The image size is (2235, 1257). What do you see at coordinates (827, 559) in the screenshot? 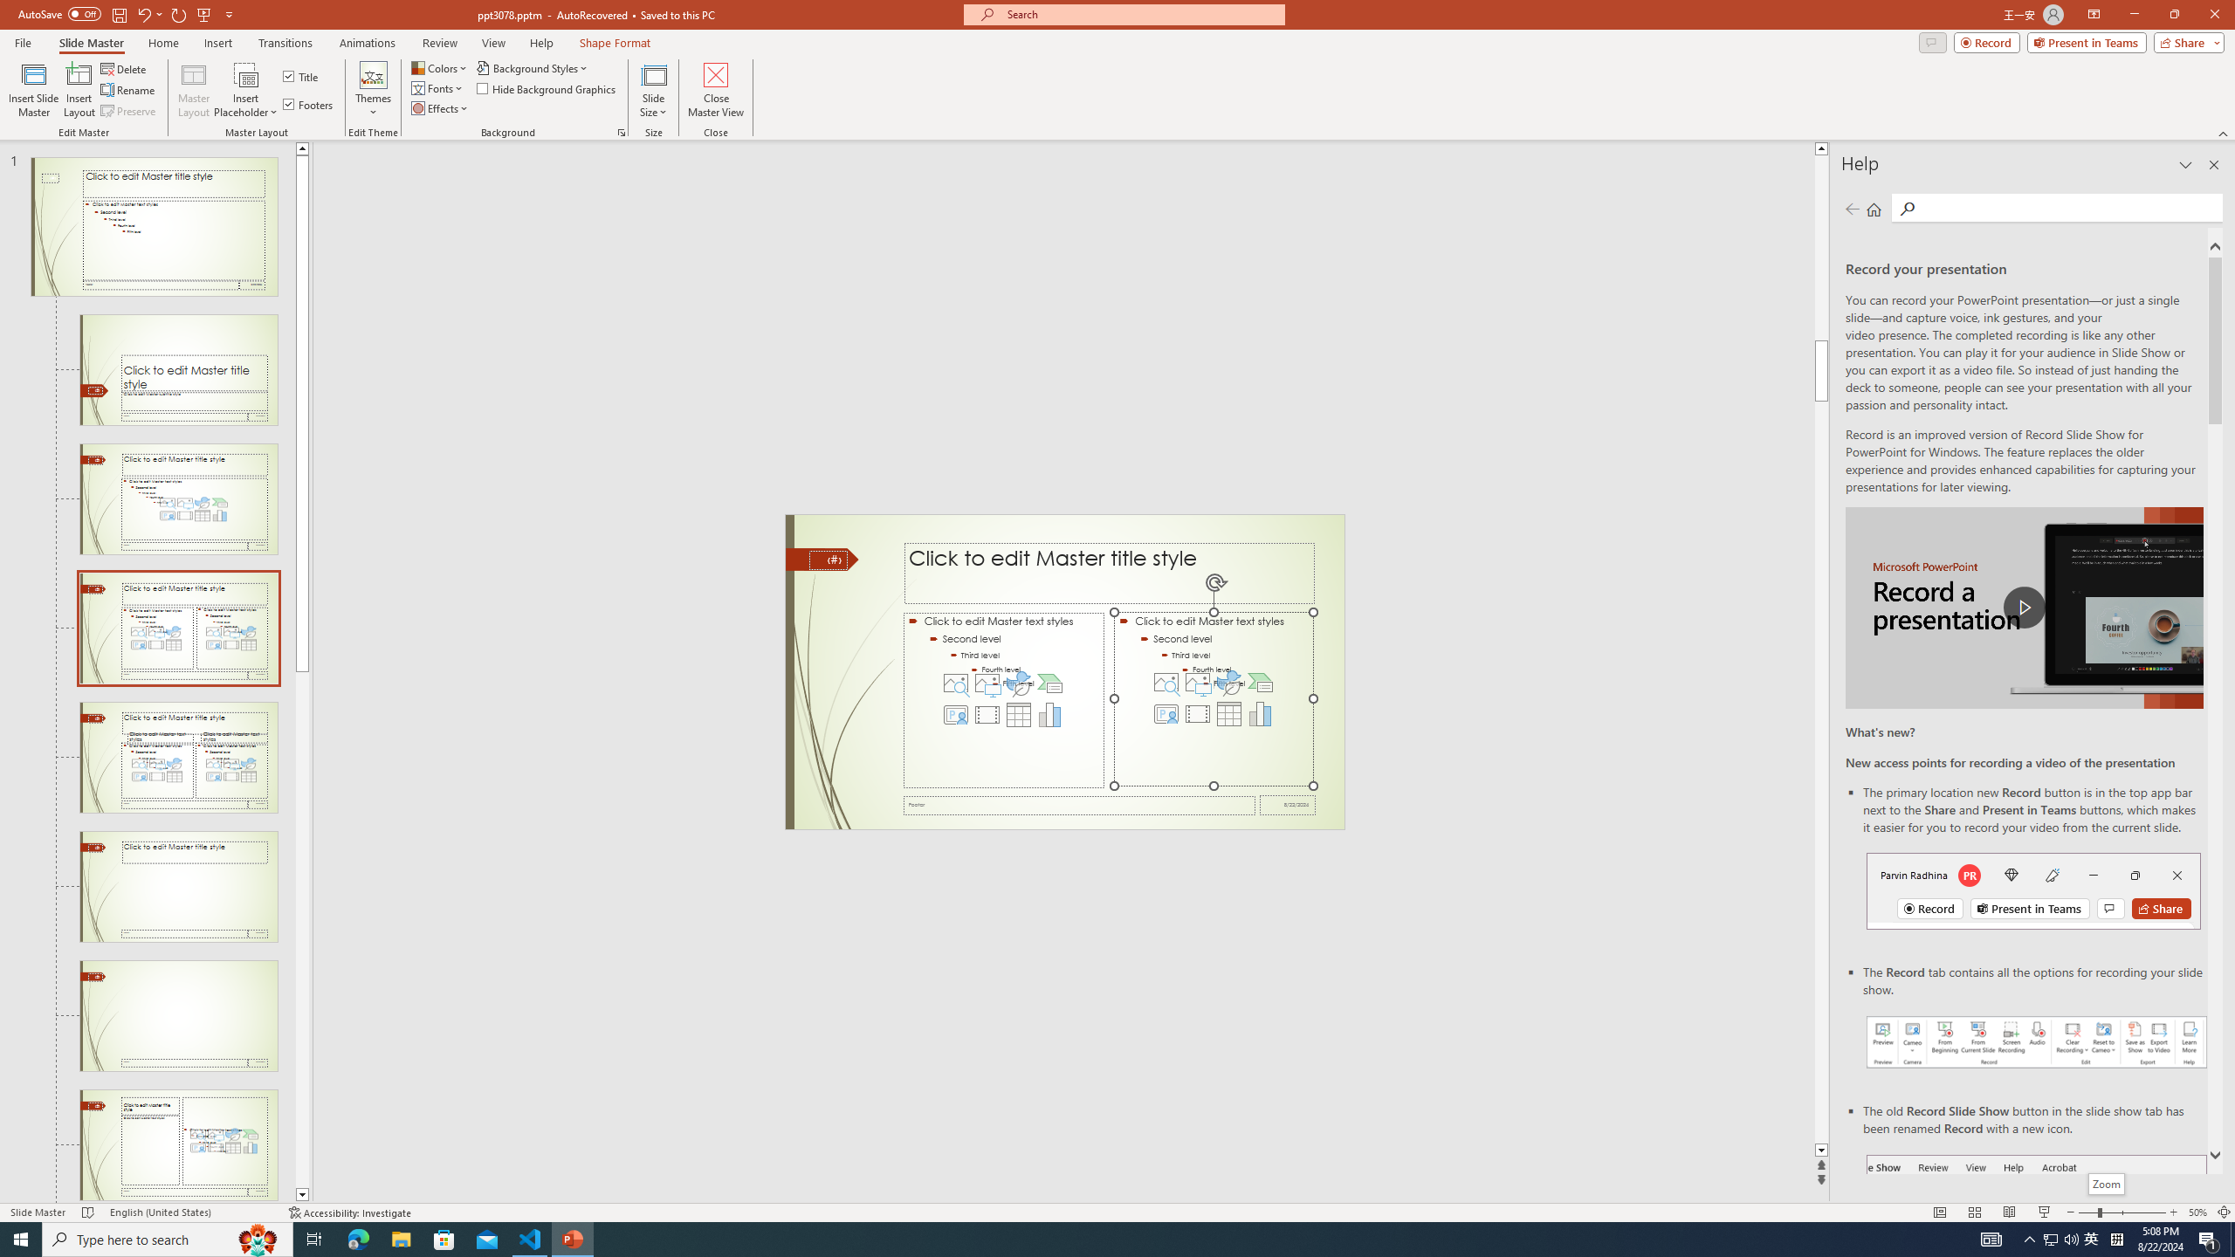
I see `'Slide Number'` at bounding box center [827, 559].